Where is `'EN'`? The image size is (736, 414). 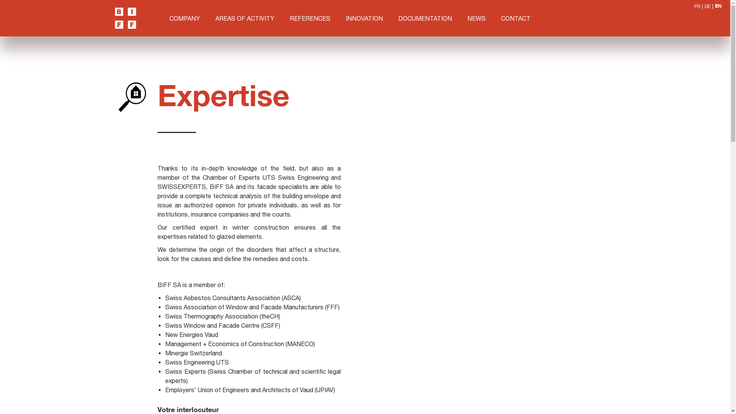
'EN' is located at coordinates (715, 6).